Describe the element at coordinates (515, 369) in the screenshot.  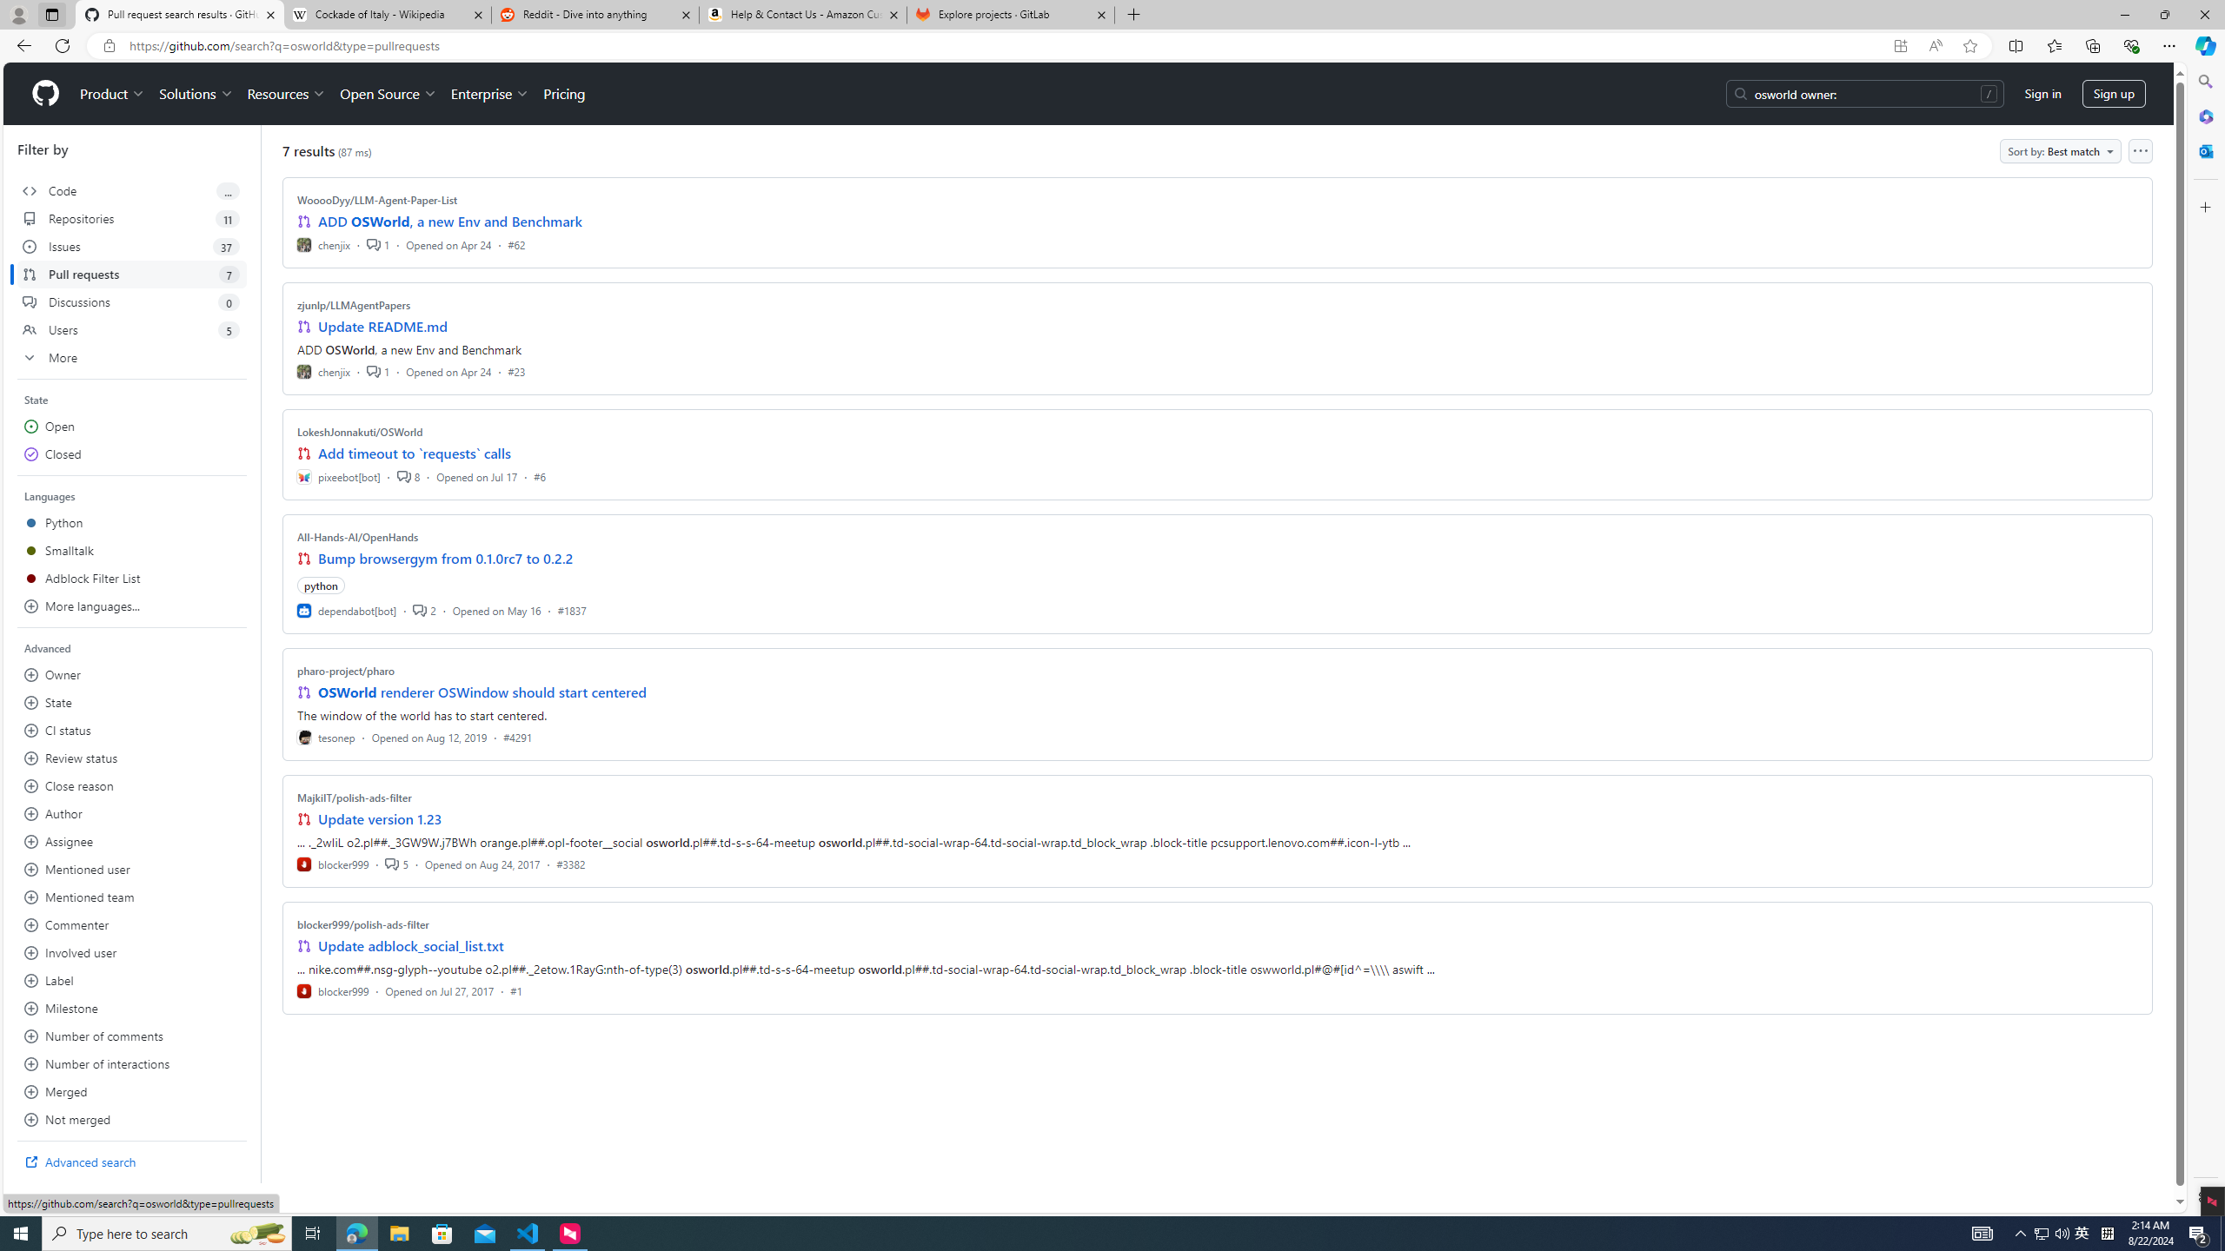
I see `'#23'` at that location.